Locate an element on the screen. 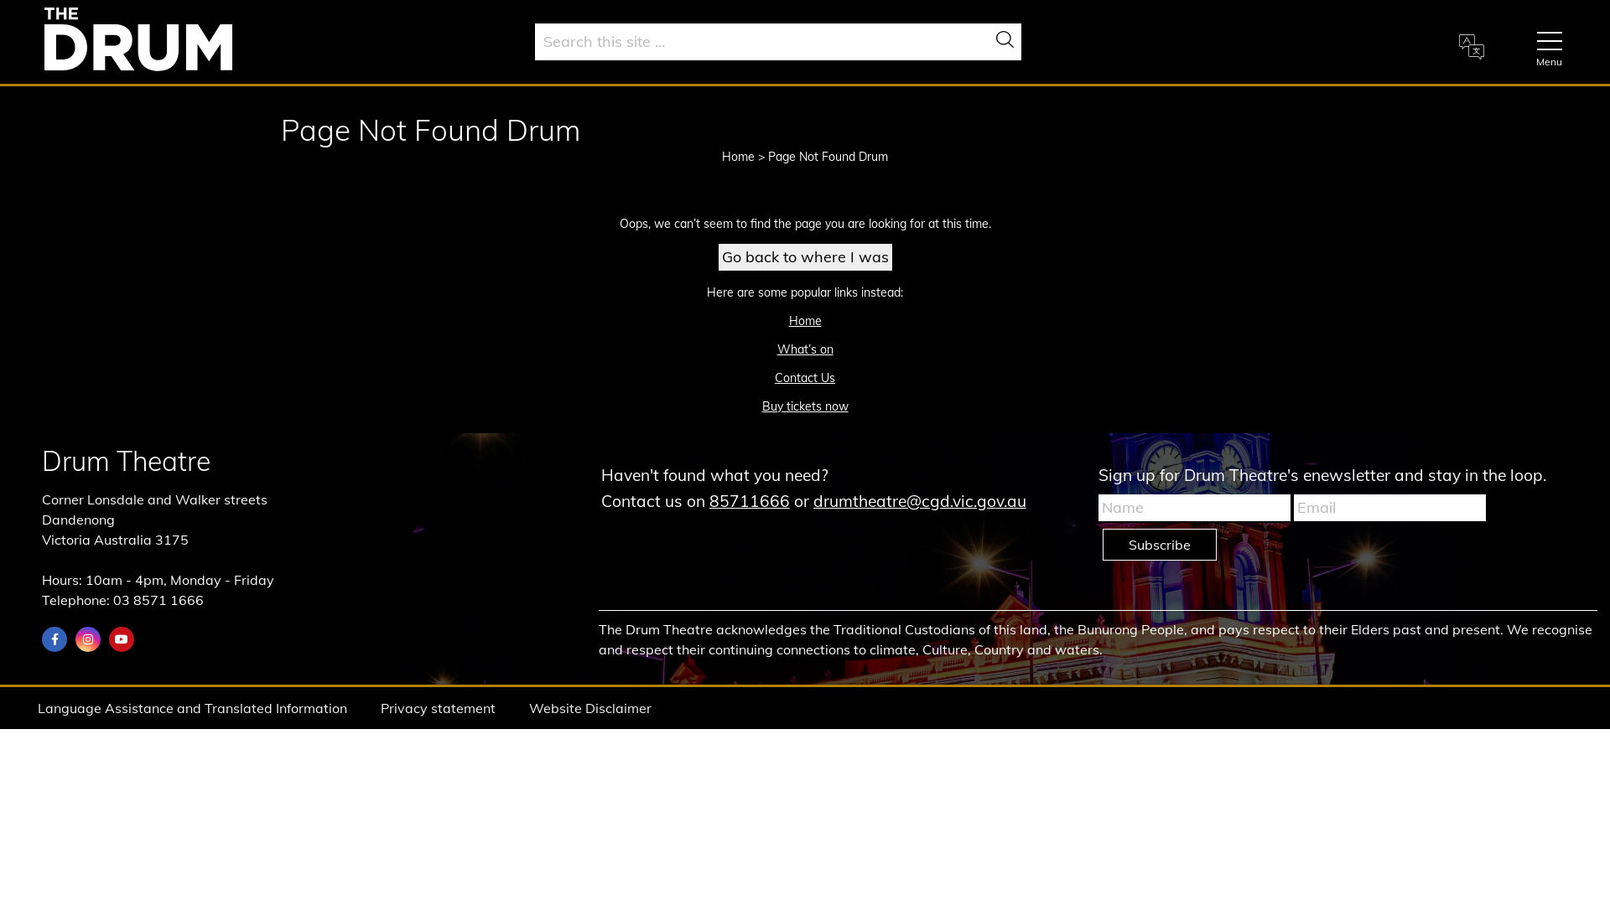  'Privacy statement' is located at coordinates (438, 707).